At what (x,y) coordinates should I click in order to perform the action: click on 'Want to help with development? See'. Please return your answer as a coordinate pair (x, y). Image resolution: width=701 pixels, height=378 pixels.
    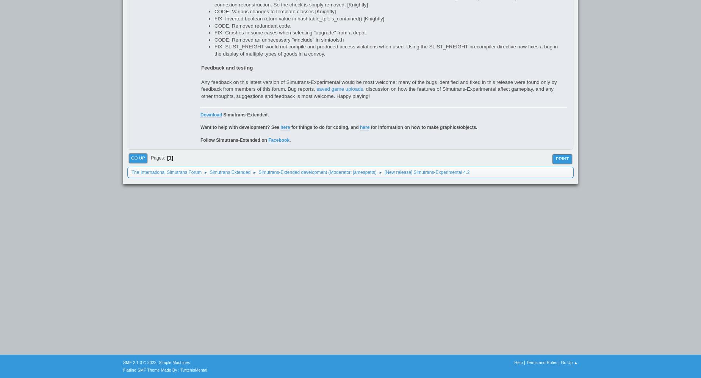
    Looking at the image, I should click on (240, 127).